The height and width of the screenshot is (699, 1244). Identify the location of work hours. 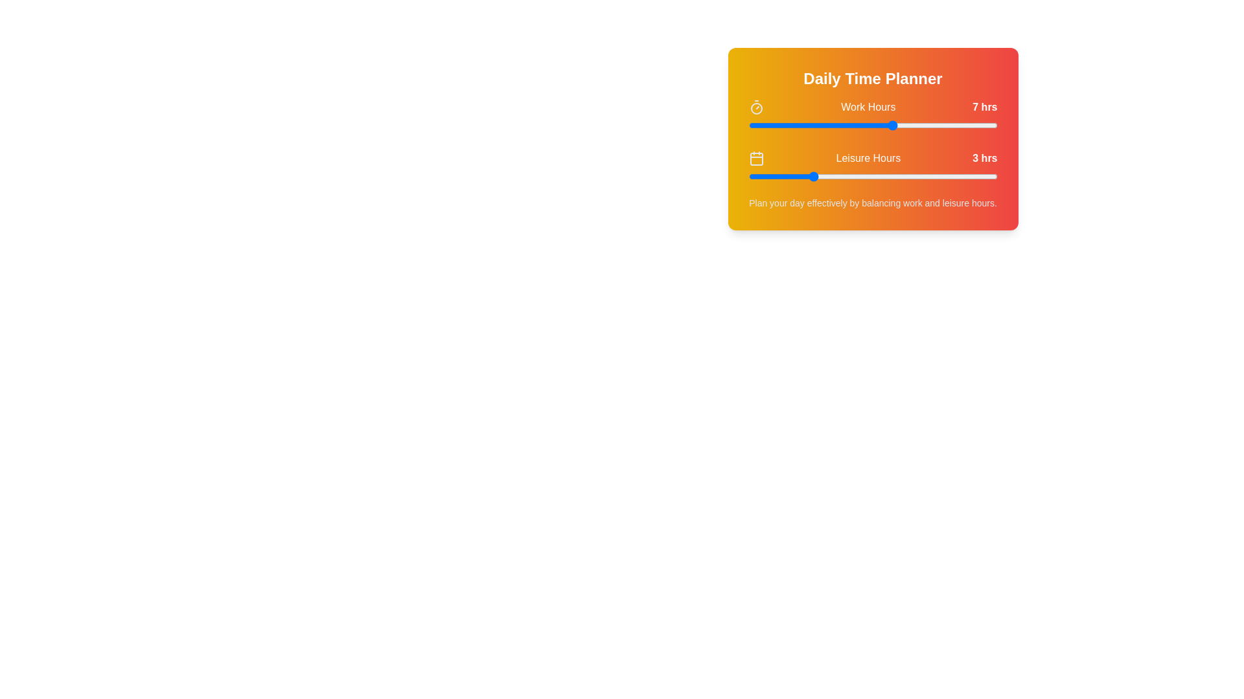
(831, 125).